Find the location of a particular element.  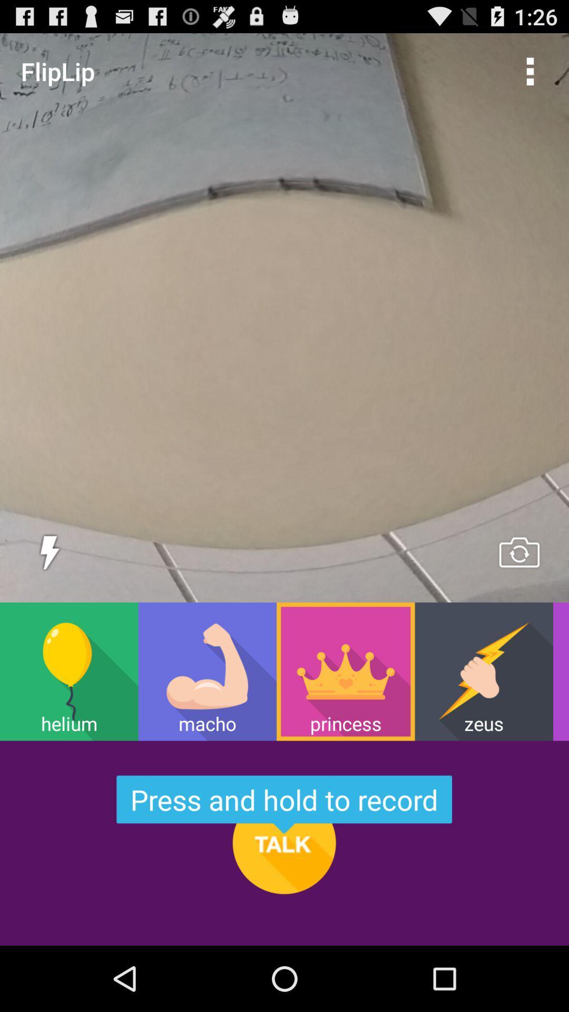

the icon next to princess item is located at coordinates (207, 671).